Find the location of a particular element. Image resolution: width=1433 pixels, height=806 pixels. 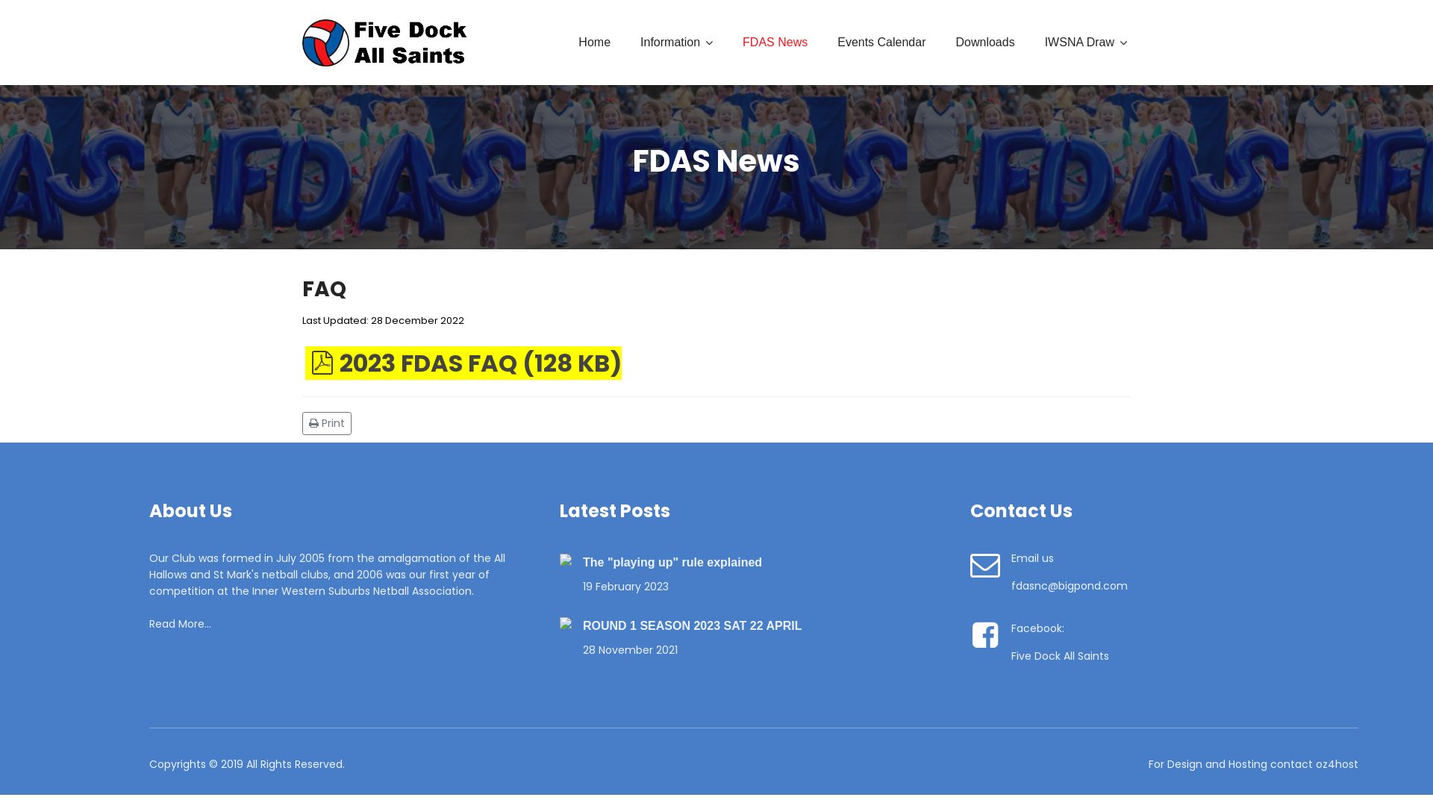

'Events Calendar' is located at coordinates (881, 42).